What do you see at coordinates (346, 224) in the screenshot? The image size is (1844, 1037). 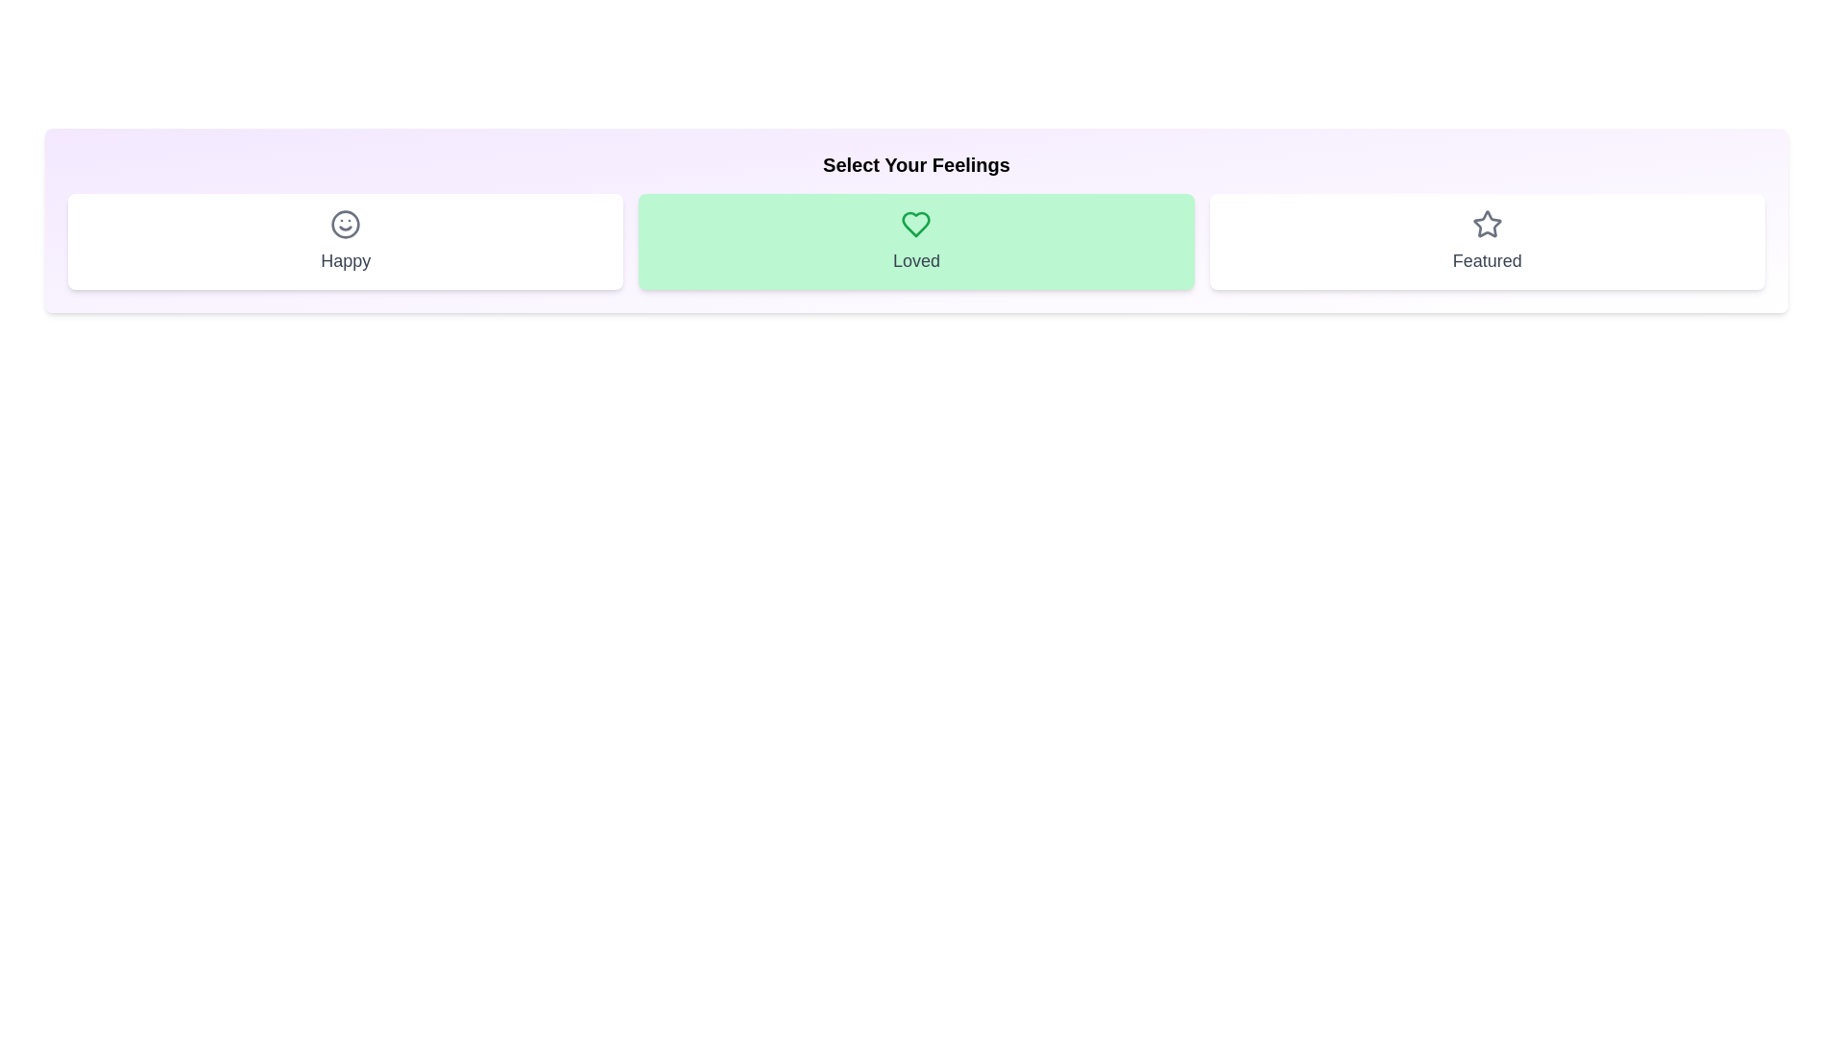 I see `the icon of the Happy chip` at bounding box center [346, 224].